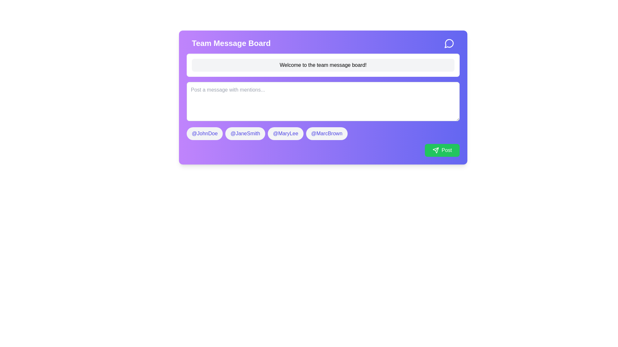 This screenshot has width=618, height=347. Describe the element at coordinates (204, 133) in the screenshot. I see `the first interactive badge representing the user 'JohnDoe'` at that location.